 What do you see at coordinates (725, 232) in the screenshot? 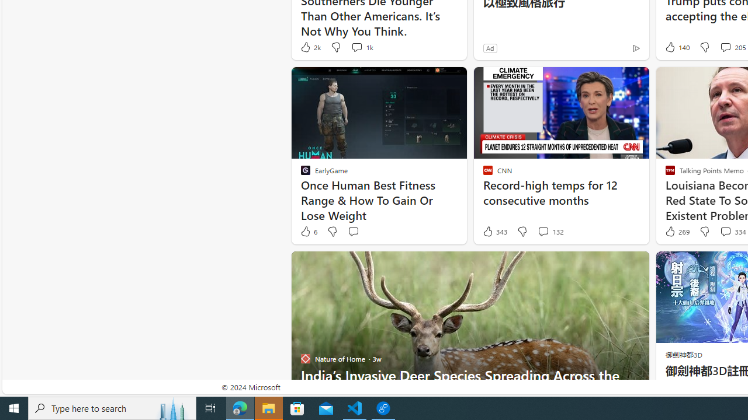
I see `'View comments 334 Comment'` at bounding box center [725, 232].